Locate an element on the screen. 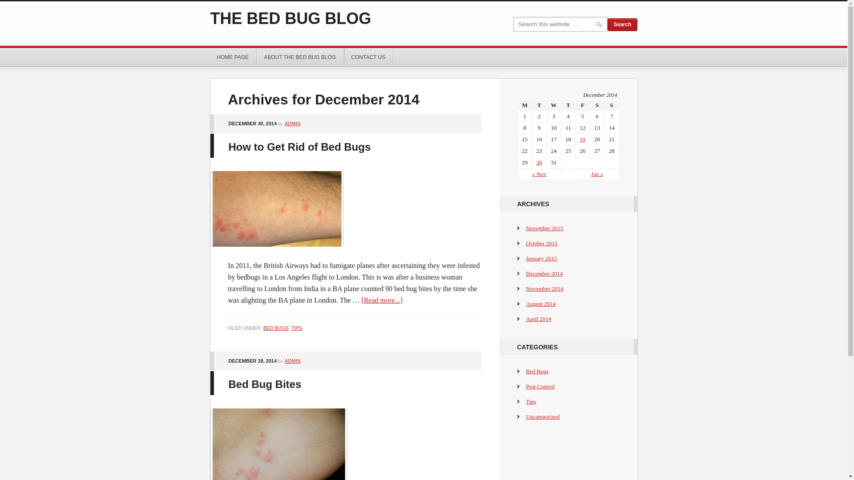 The height and width of the screenshot is (480, 854). '19' is located at coordinates (583, 139).